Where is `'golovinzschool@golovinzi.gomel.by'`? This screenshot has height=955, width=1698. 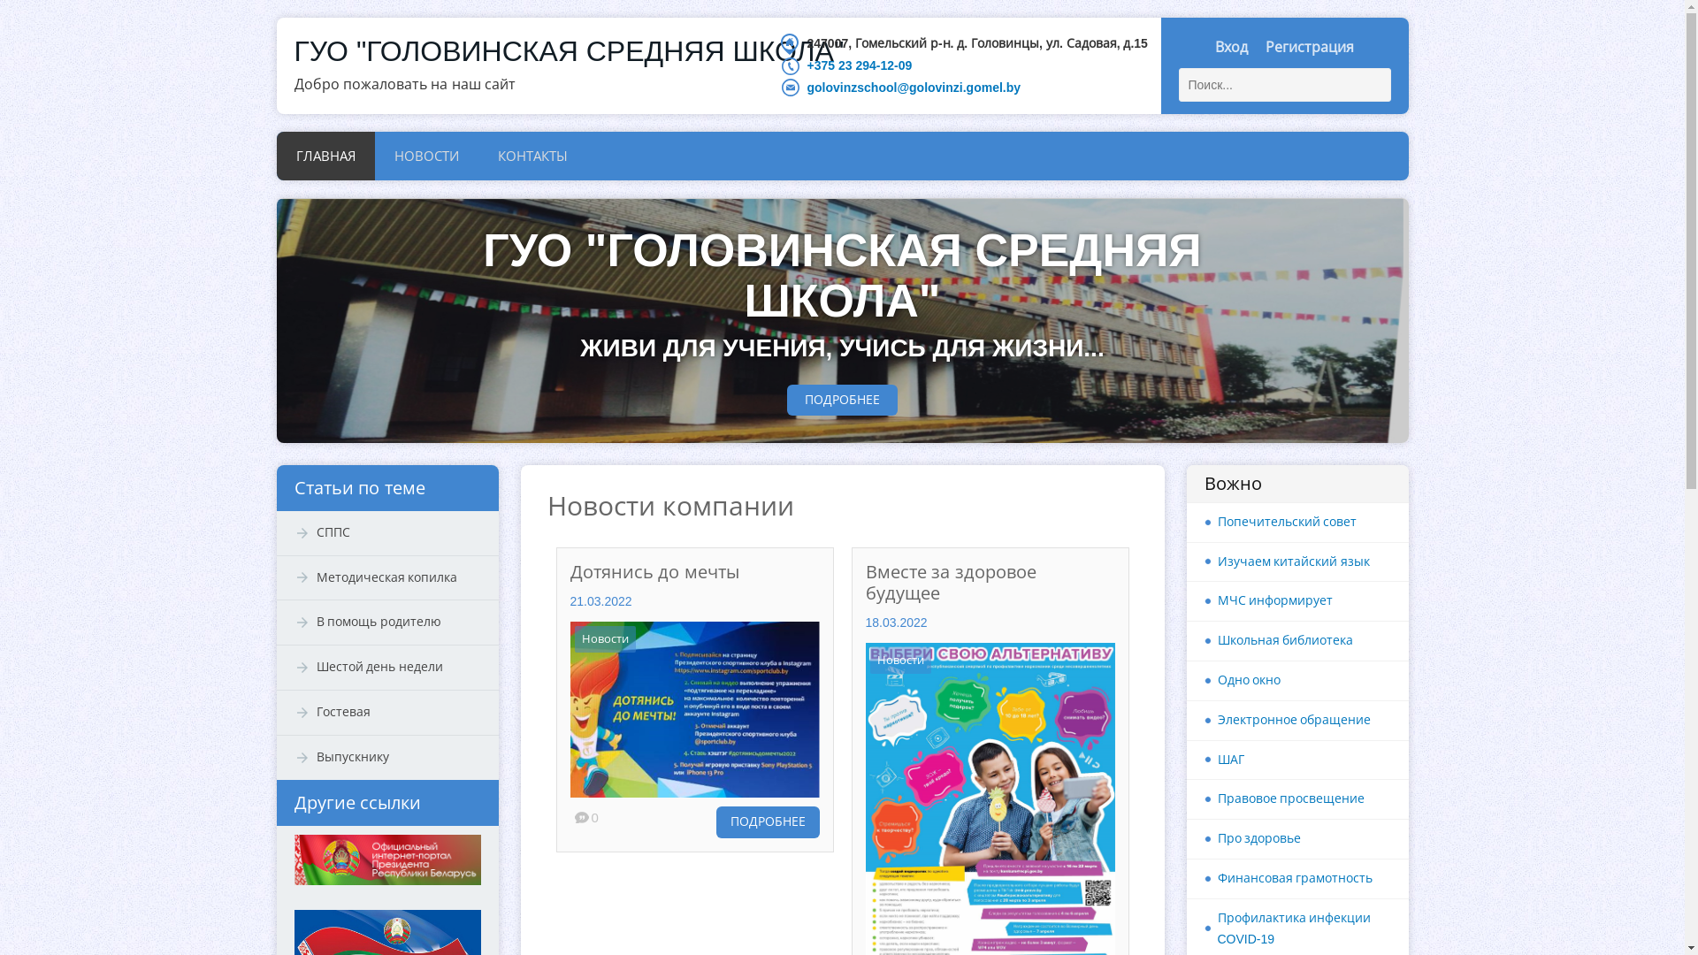
'golovinzschool@golovinzi.gomel.by' is located at coordinates (913, 88).